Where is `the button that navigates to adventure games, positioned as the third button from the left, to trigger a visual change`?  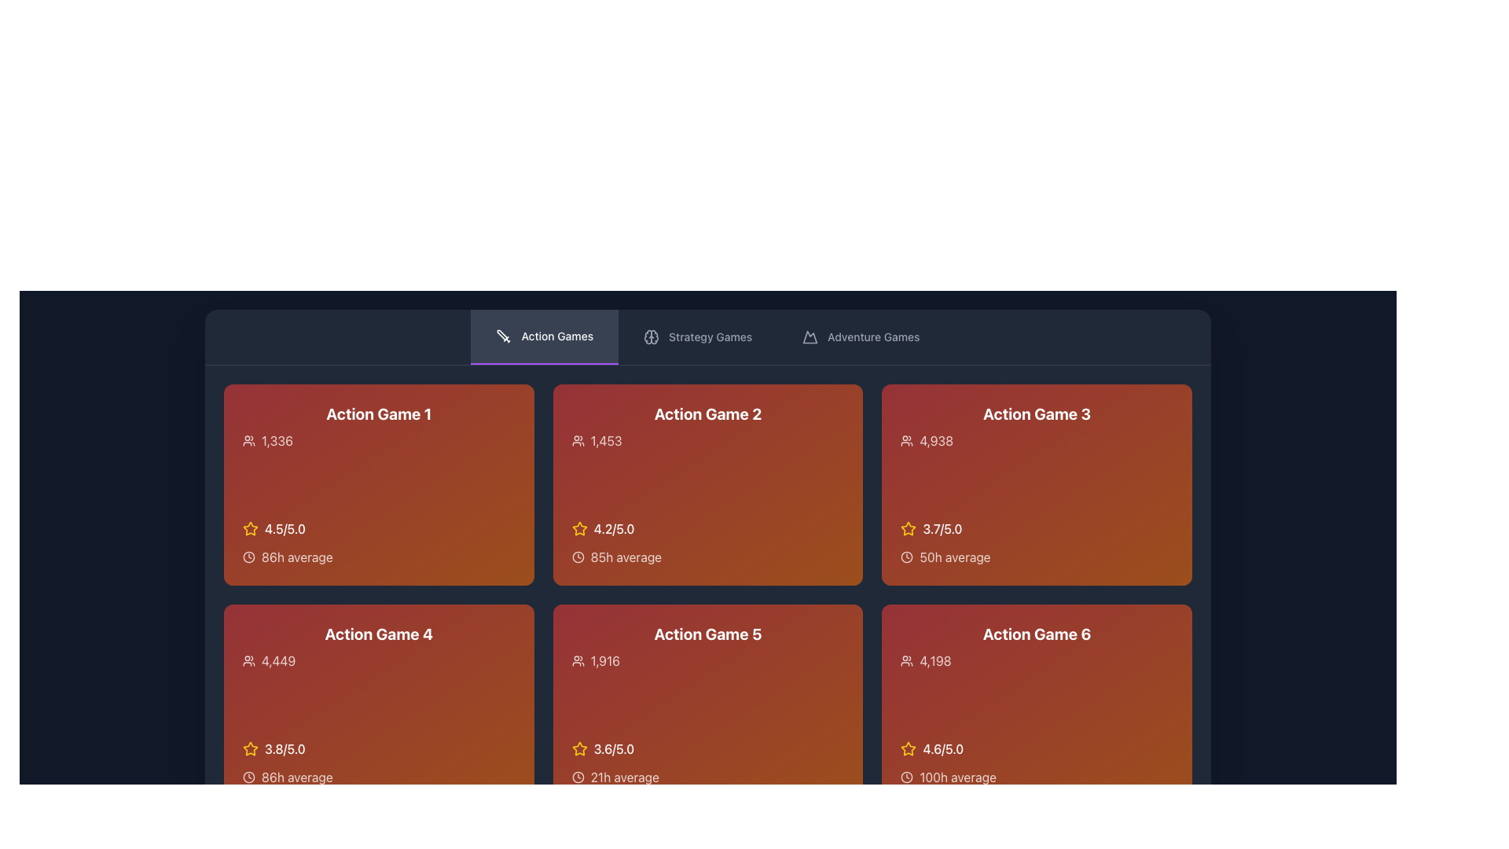
the button that navigates to adventure games, positioned as the third button from the left, to trigger a visual change is located at coordinates (860, 336).